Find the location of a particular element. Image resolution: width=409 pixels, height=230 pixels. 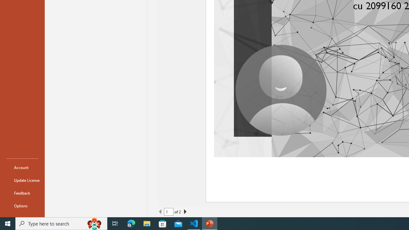

'Update License' is located at coordinates (22, 180).